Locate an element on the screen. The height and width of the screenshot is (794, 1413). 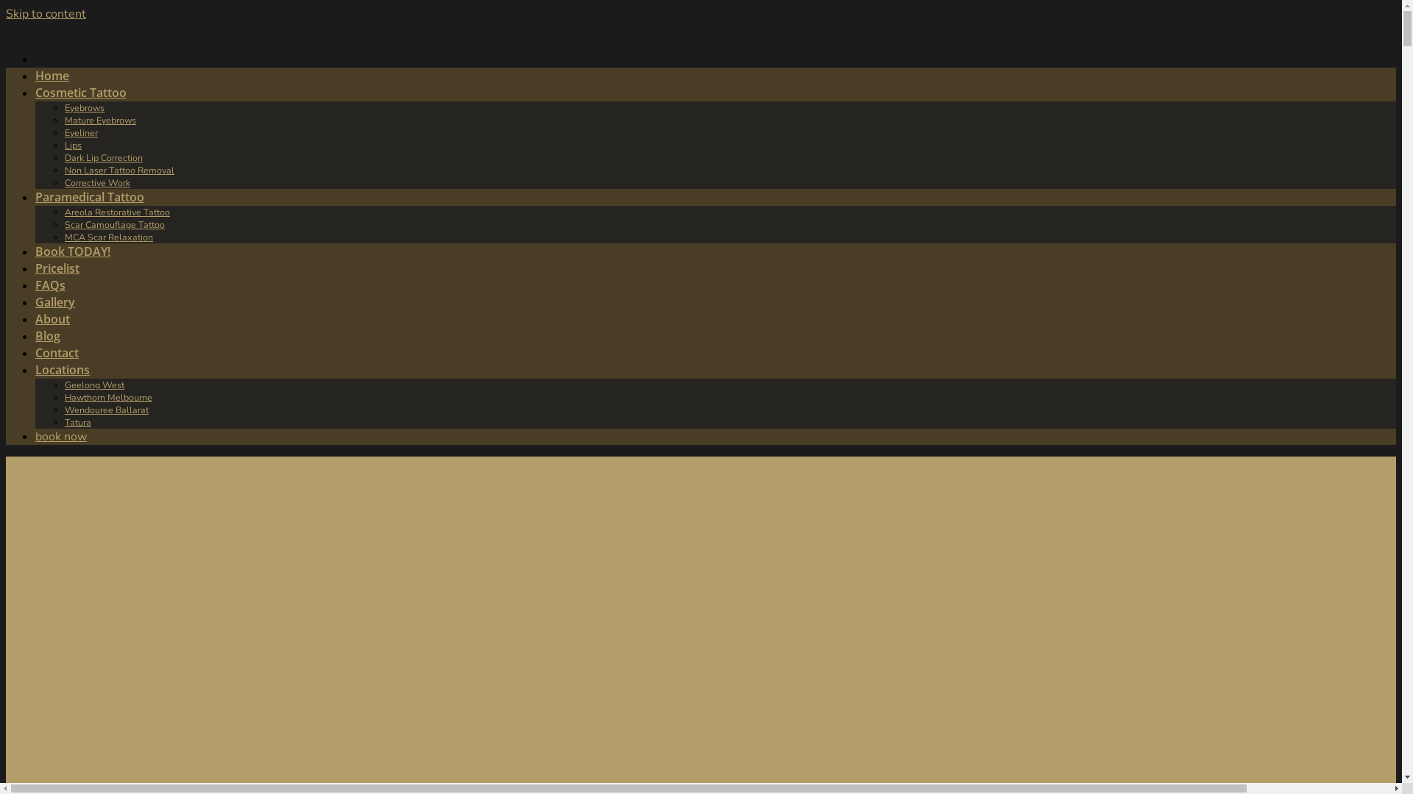
'Wendouree Ballarat' is located at coordinates (105, 409).